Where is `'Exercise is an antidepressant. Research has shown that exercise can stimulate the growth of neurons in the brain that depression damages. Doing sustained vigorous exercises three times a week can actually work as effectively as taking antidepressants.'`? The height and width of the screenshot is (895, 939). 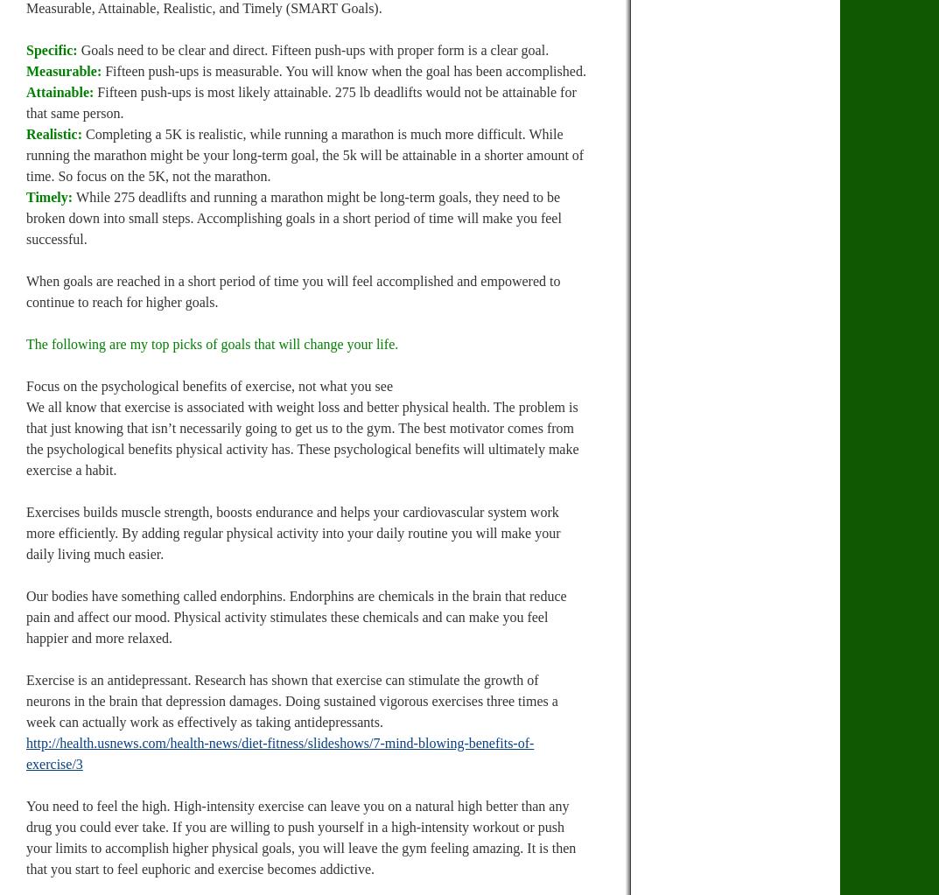 'Exercise is an antidepressant. Research has shown that exercise can stimulate the growth of neurons in the brain that depression damages. Doing sustained vigorous exercises three times a week can actually work as effectively as taking antidepressants.' is located at coordinates (291, 701).